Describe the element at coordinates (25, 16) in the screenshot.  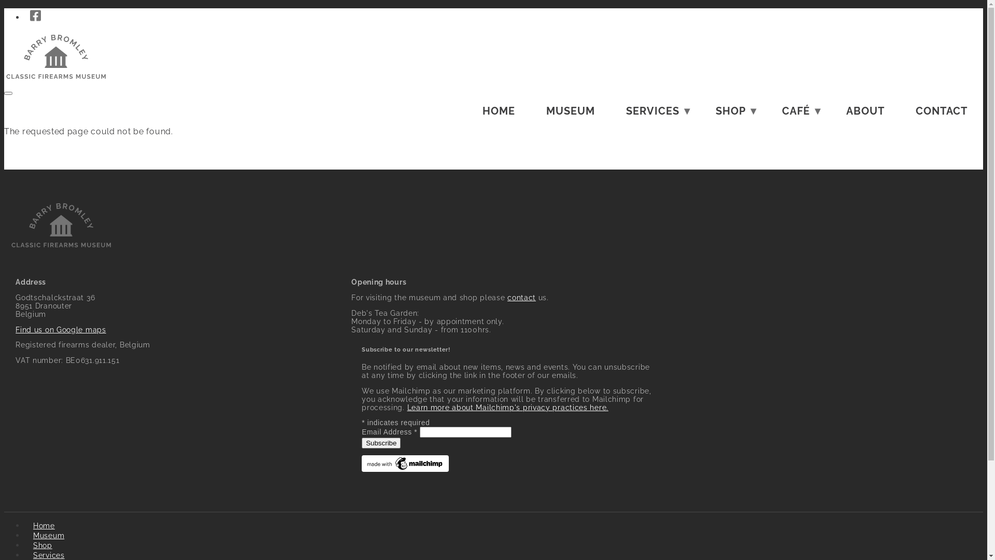
I see `'Visit our Facebook page'` at that location.